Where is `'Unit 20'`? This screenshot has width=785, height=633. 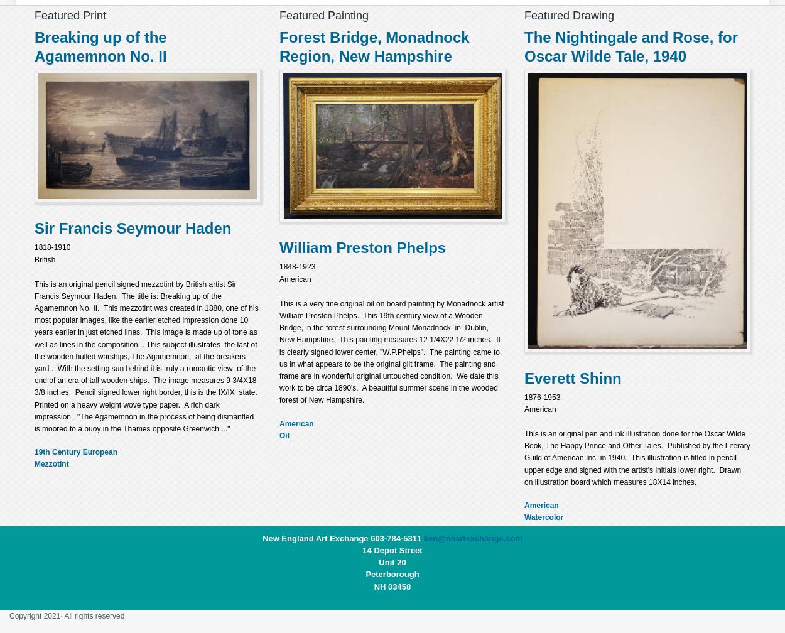
'Unit 20' is located at coordinates (378, 562).